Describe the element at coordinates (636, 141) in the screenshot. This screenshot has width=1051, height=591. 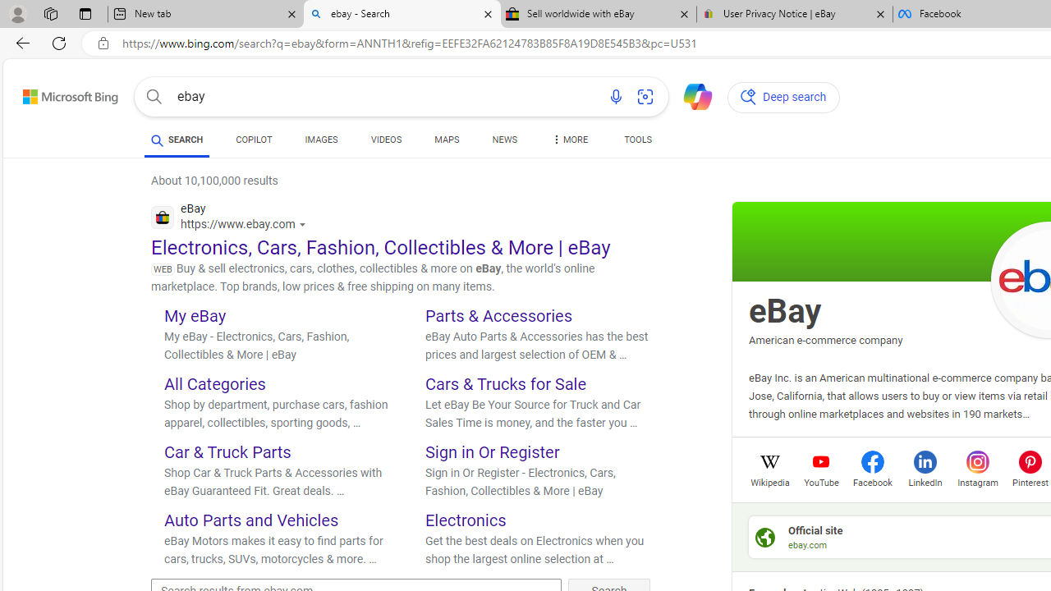
I see `'TOOLS'` at that location.